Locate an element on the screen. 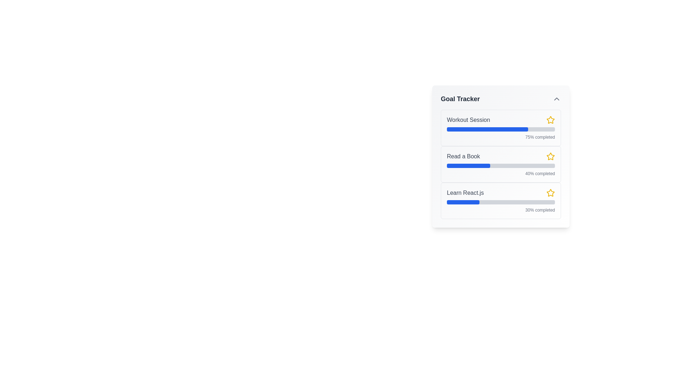  the task titled 'Workout Session' is located at coordinates (501, 119).